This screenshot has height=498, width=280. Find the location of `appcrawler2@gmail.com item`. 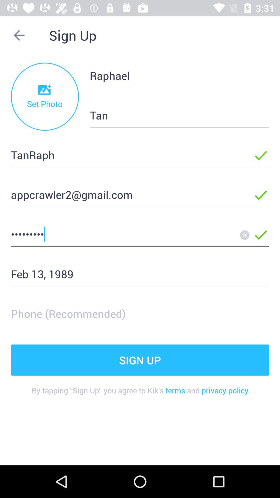

appcrawler2@gmail.com item is located at coordinates (124, 194).